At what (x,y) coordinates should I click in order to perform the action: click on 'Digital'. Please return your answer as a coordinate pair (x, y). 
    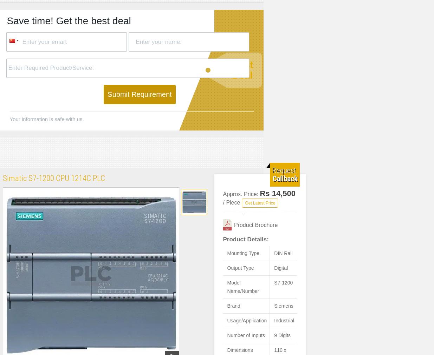
    Looking at the image, I should click on (281, 267).